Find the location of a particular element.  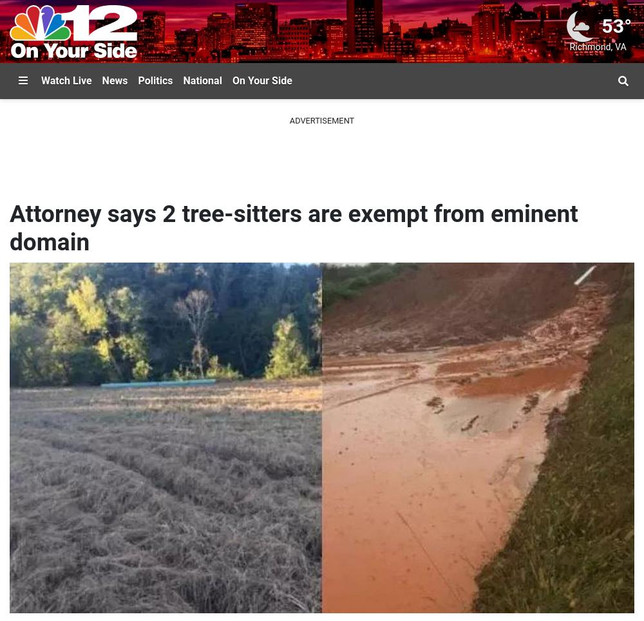

'Attorney says 2 tree-sitters are exempt from eminent domain' is located at coordinates (293, 228).